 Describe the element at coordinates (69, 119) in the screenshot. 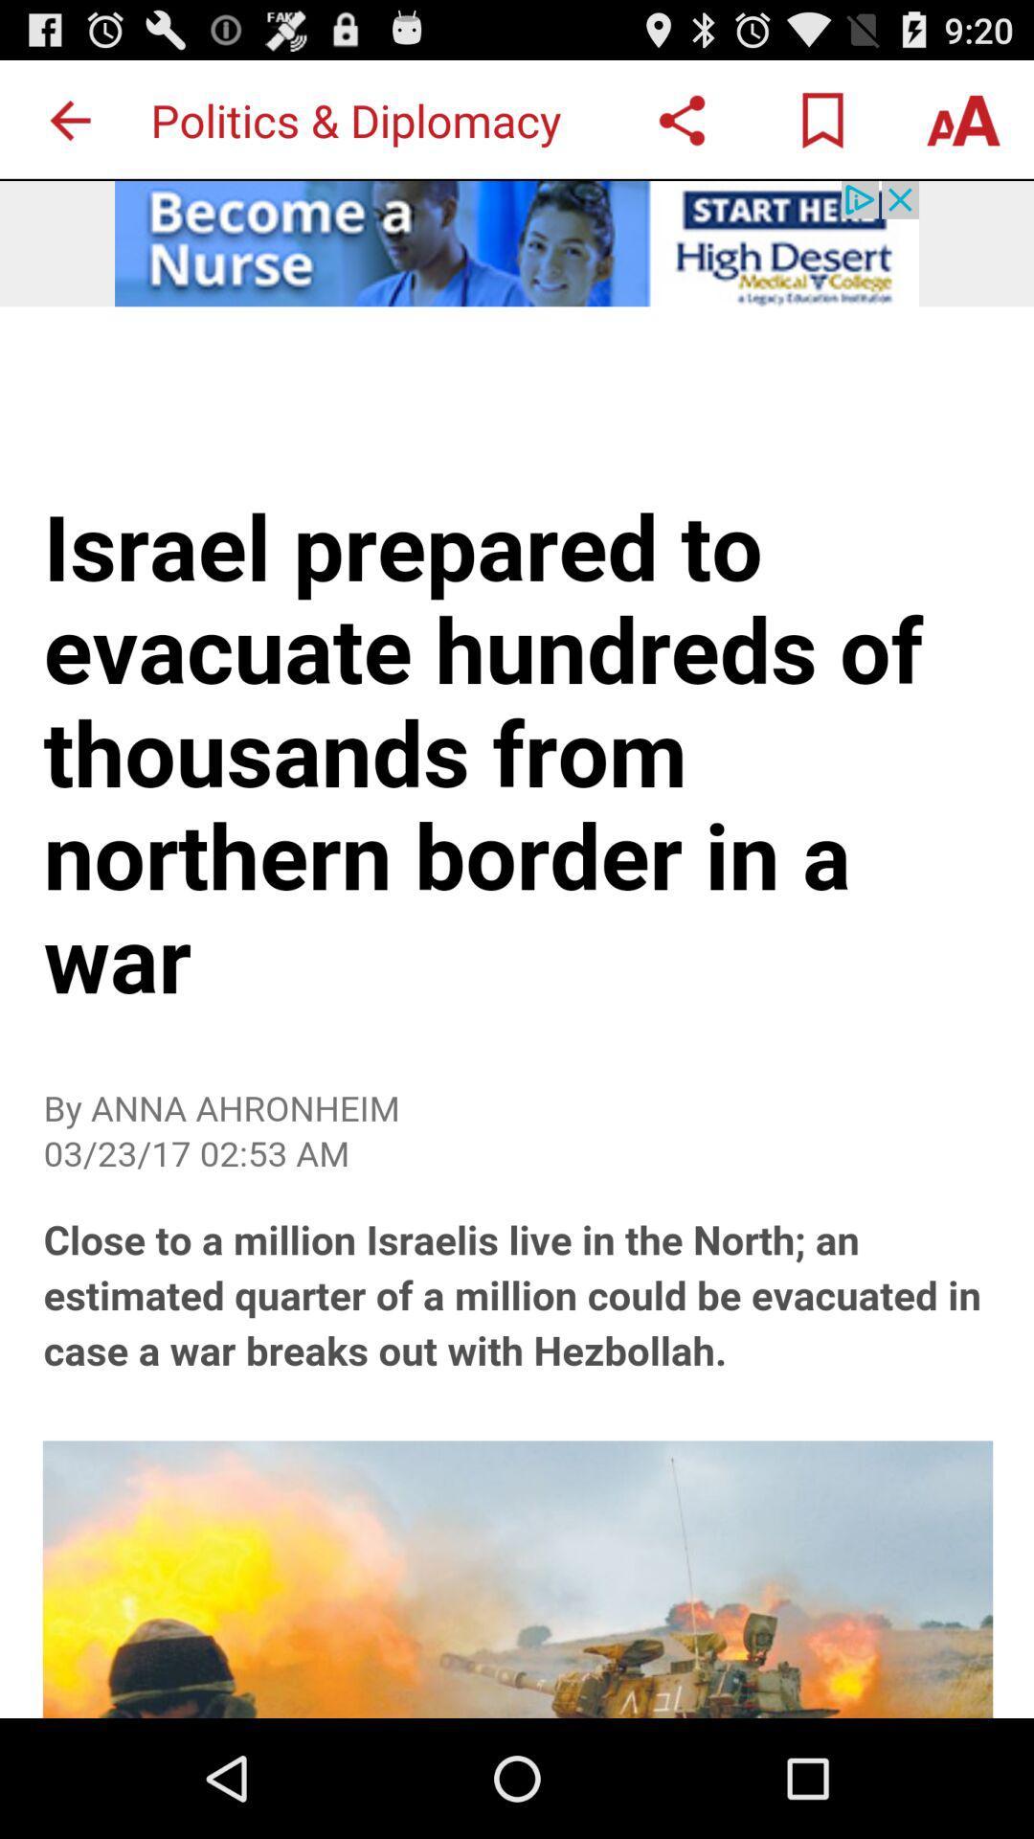

I see `previous page` at that location.